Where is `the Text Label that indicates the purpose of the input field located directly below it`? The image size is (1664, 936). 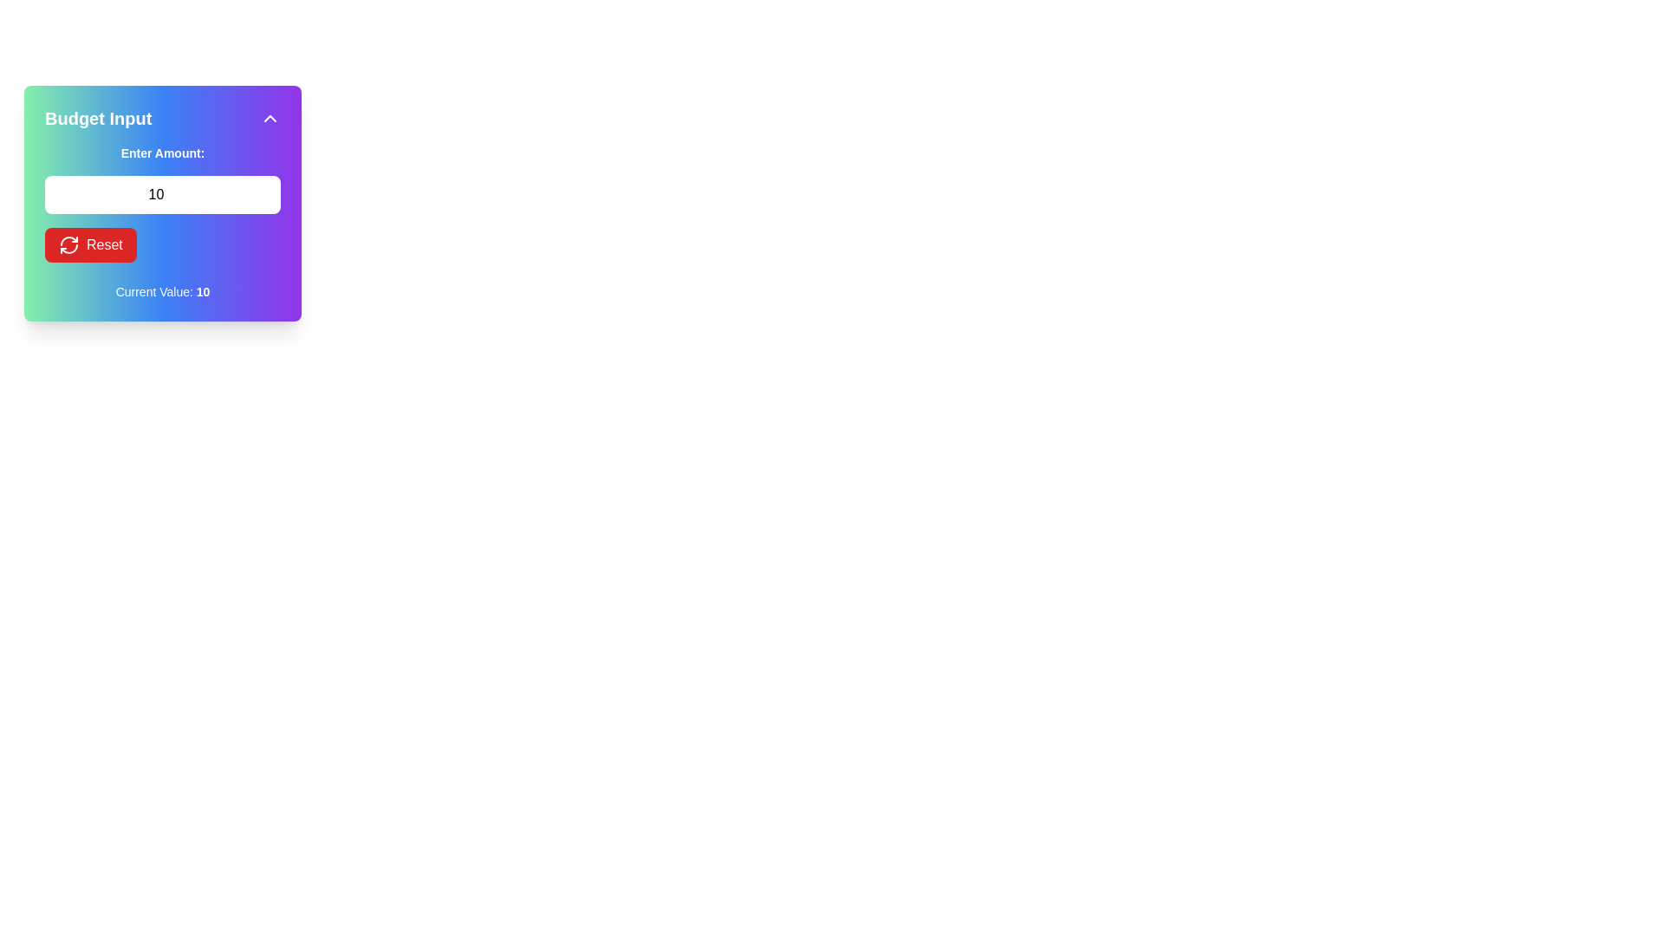
the Text Label that indicates the purpose of the input field located directly below it is located at coordinates (162, 153).